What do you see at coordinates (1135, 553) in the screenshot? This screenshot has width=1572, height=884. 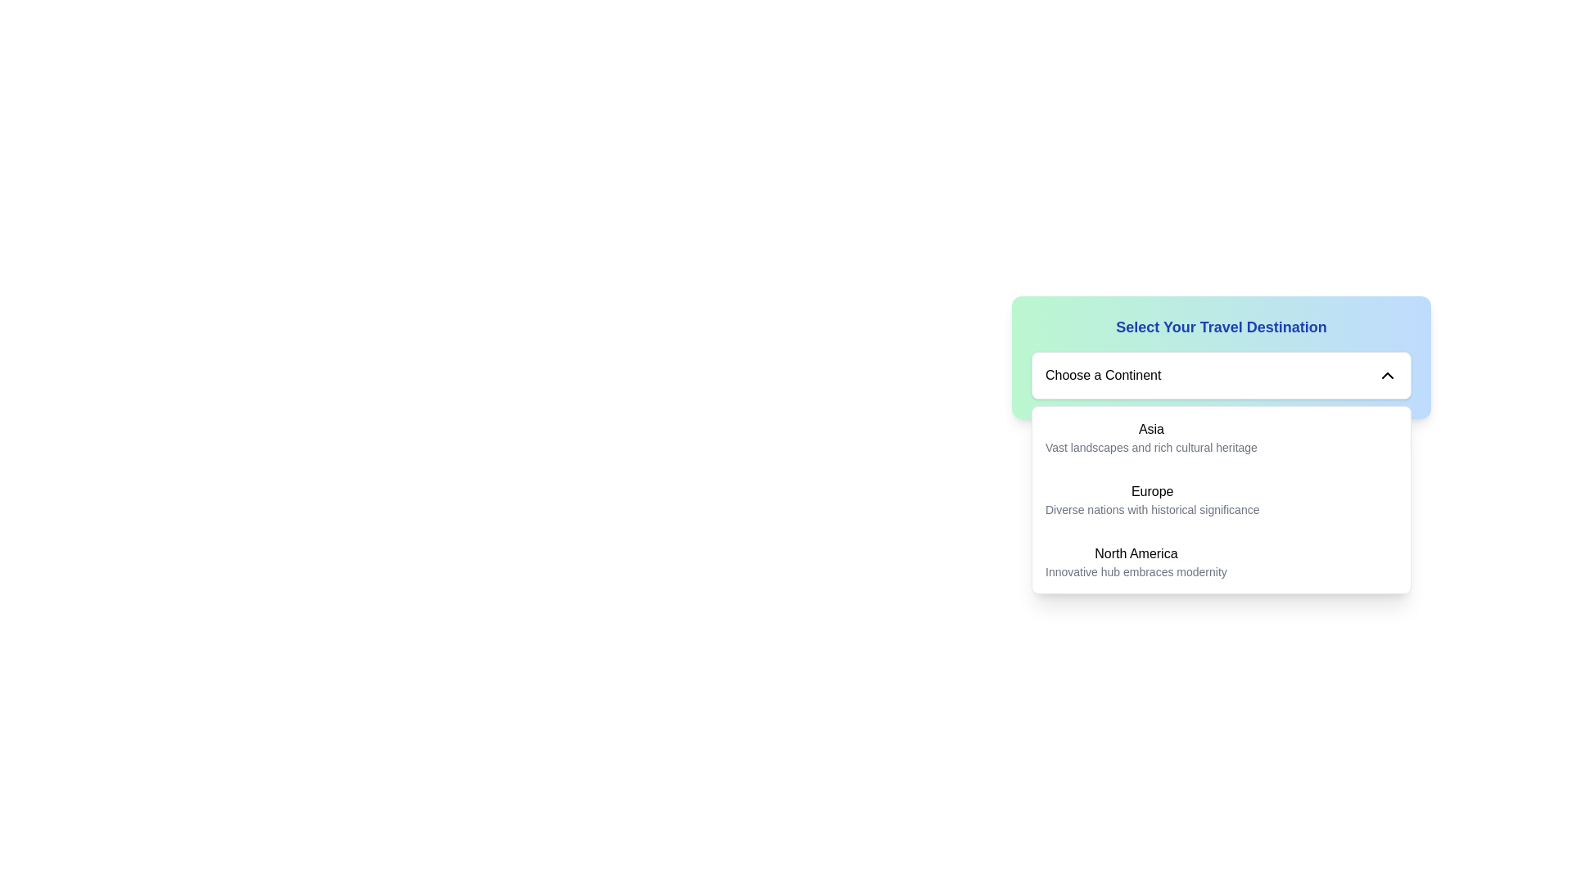 I see `the text label that serves as the title of the selectable option in the dropdown list under 'Select Your Travel Destination'` at bounding box center [1135, 553].